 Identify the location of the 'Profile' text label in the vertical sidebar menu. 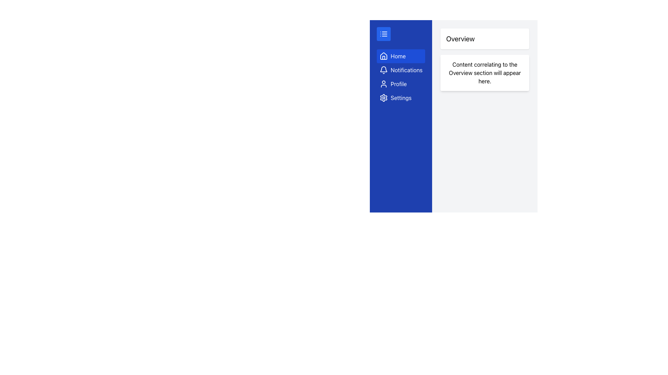
(399, 84).